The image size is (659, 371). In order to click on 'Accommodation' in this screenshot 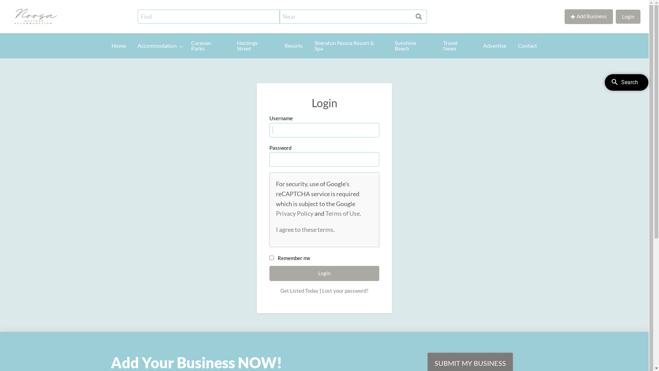, I will do `click(158, 46)`.